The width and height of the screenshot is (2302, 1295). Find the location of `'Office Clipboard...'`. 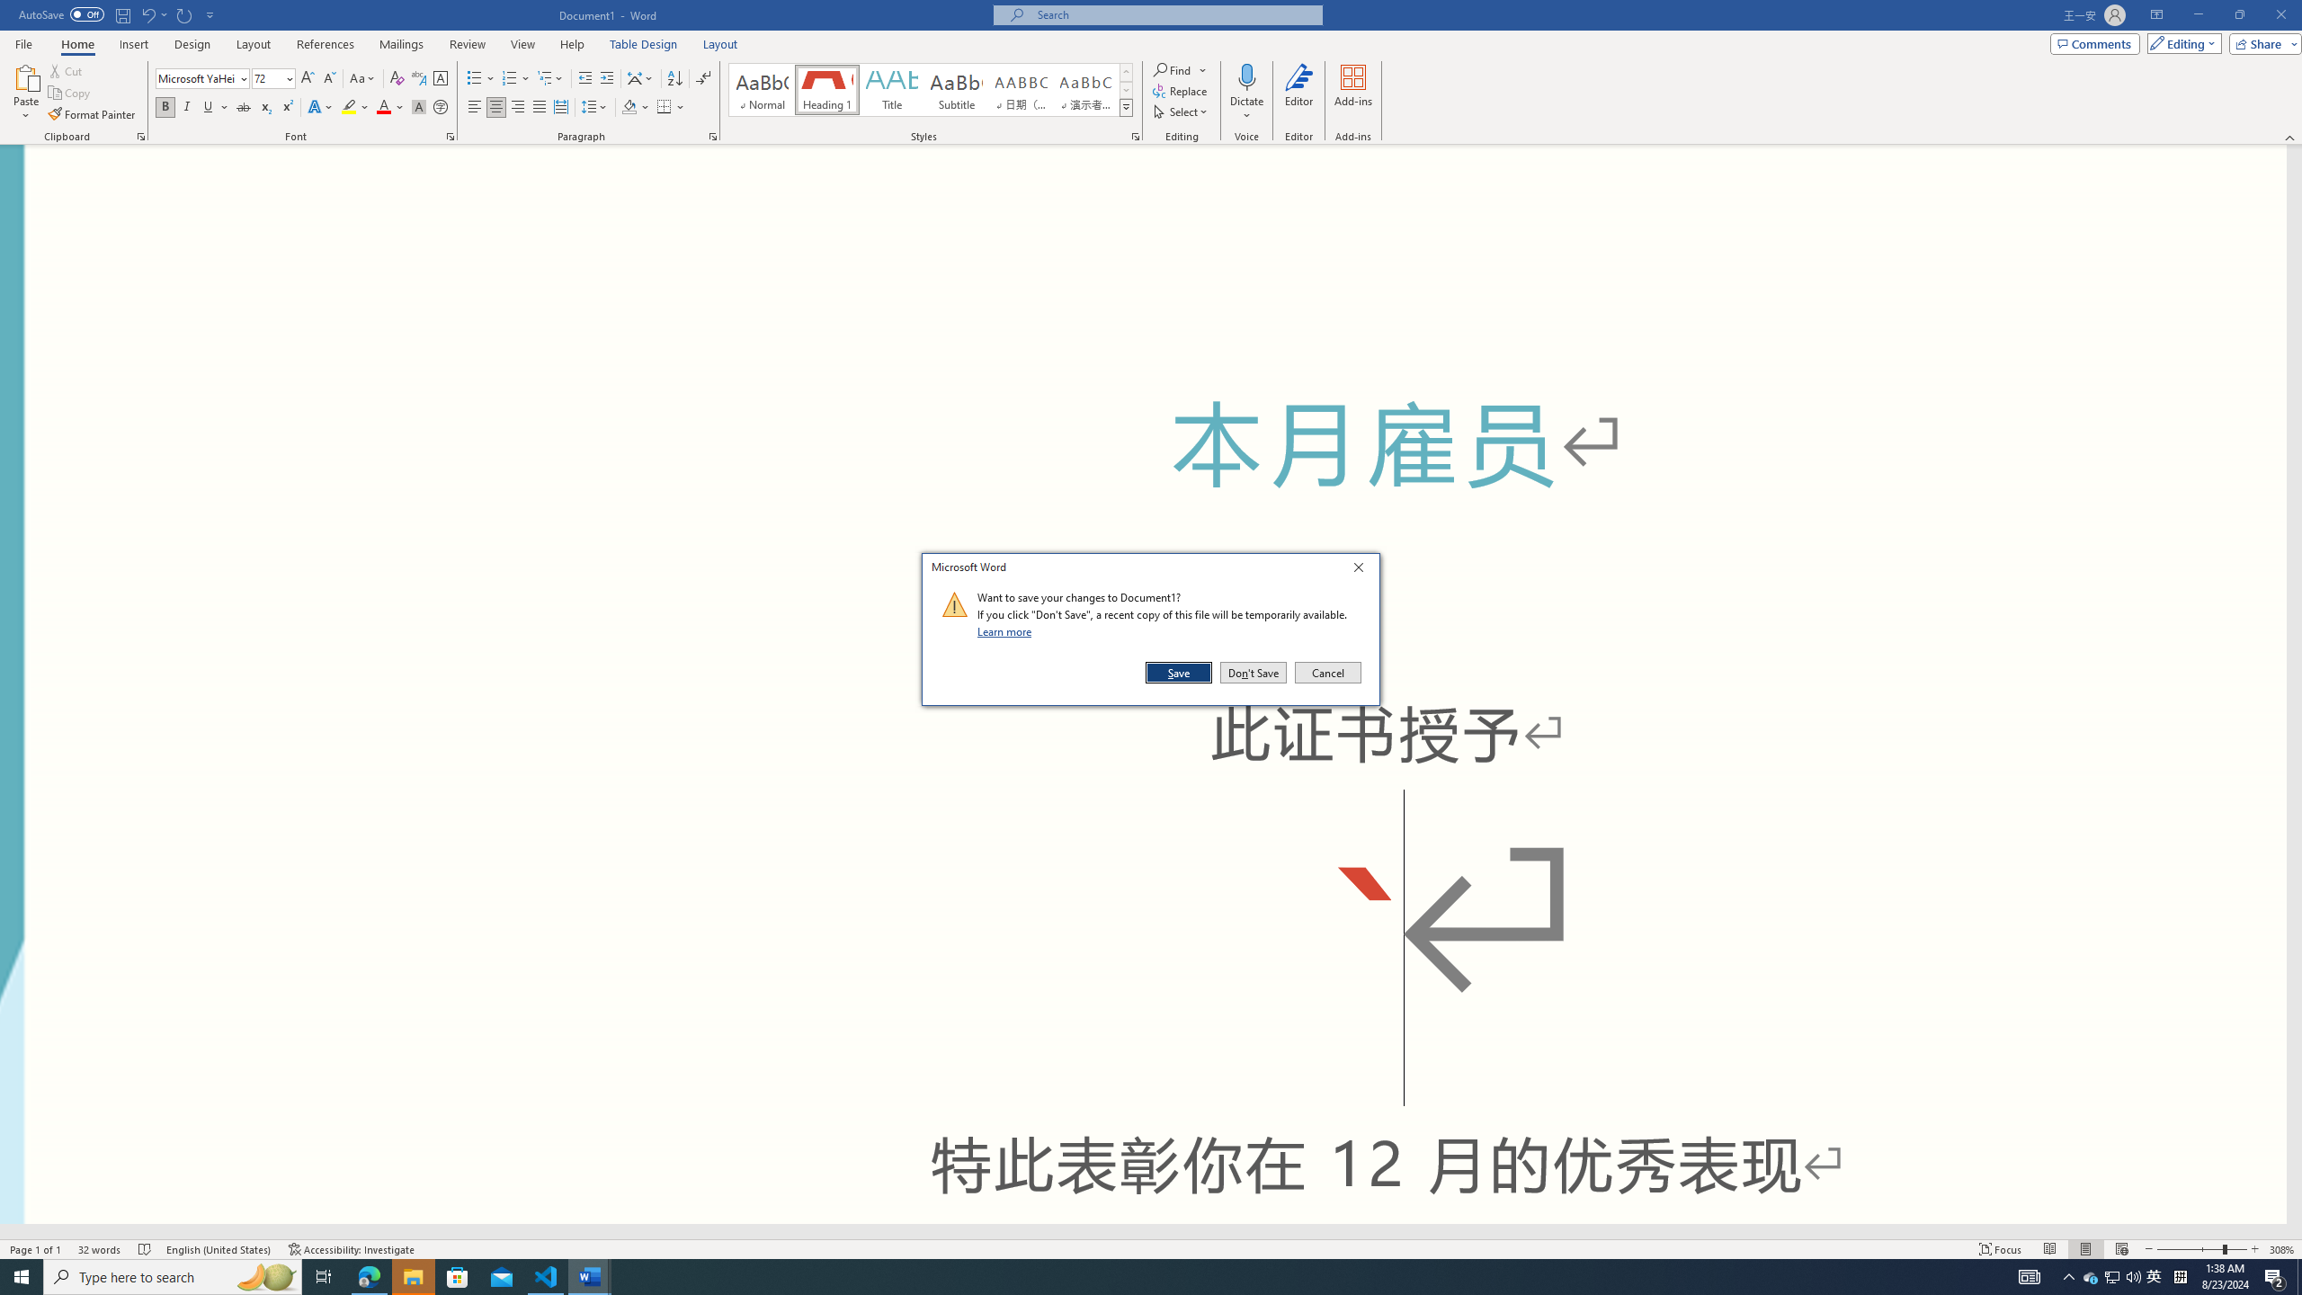

'Office Clipboard...' is located at coordinates (139, 135).